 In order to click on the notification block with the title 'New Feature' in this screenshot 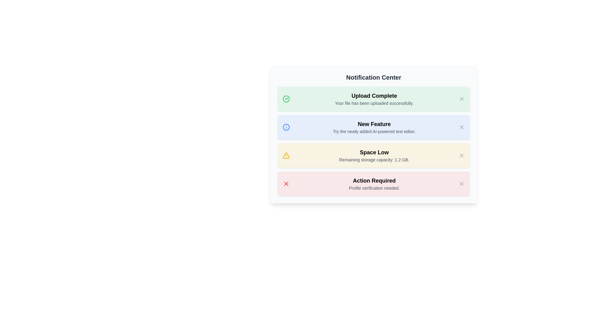, I will do `click(373, 134)`.